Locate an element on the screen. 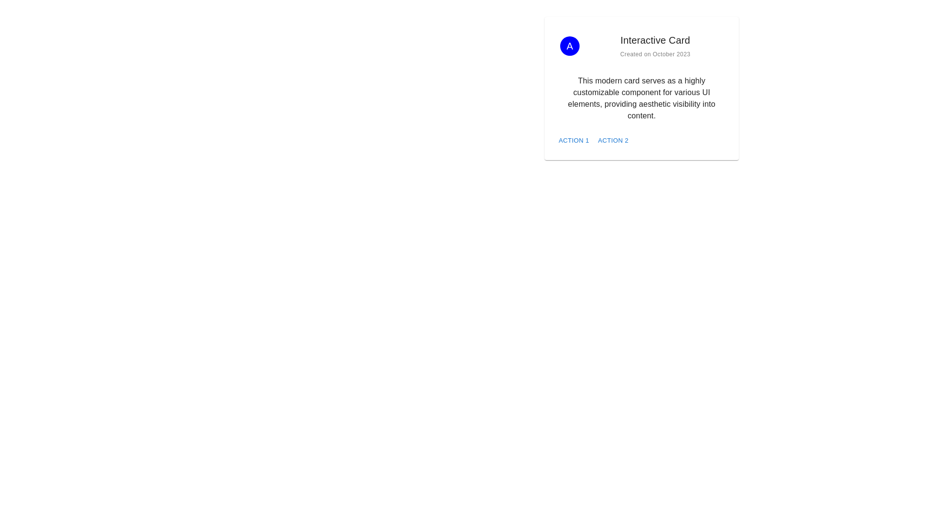  the avatar element positioned at the leftmost side of the card's header is located at coordinates (570, 46).